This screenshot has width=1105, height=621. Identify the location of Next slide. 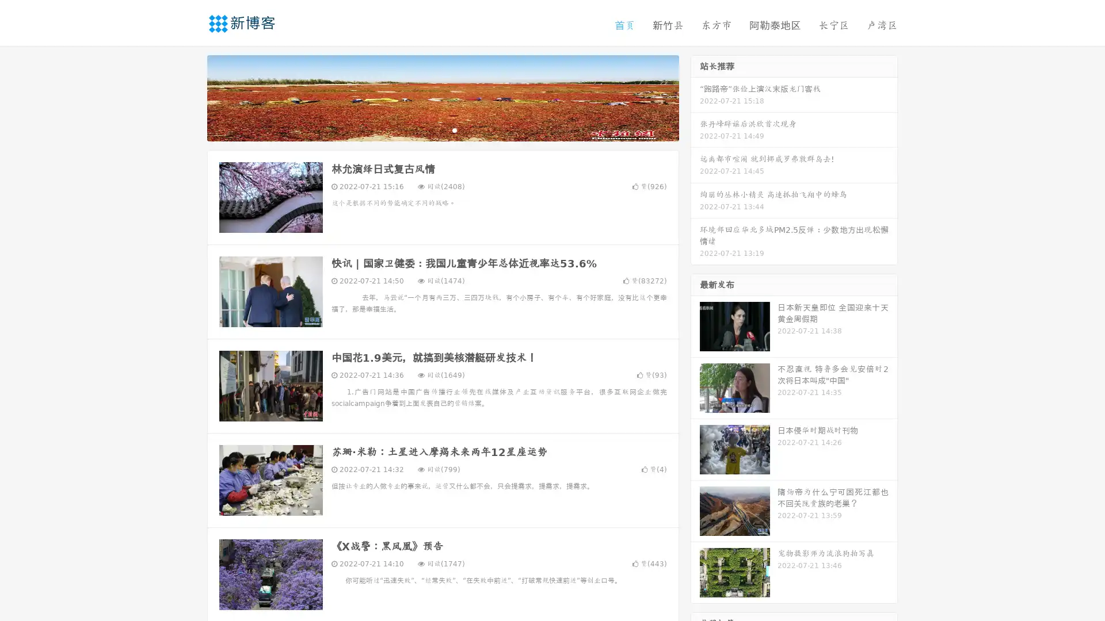
(695, 97).